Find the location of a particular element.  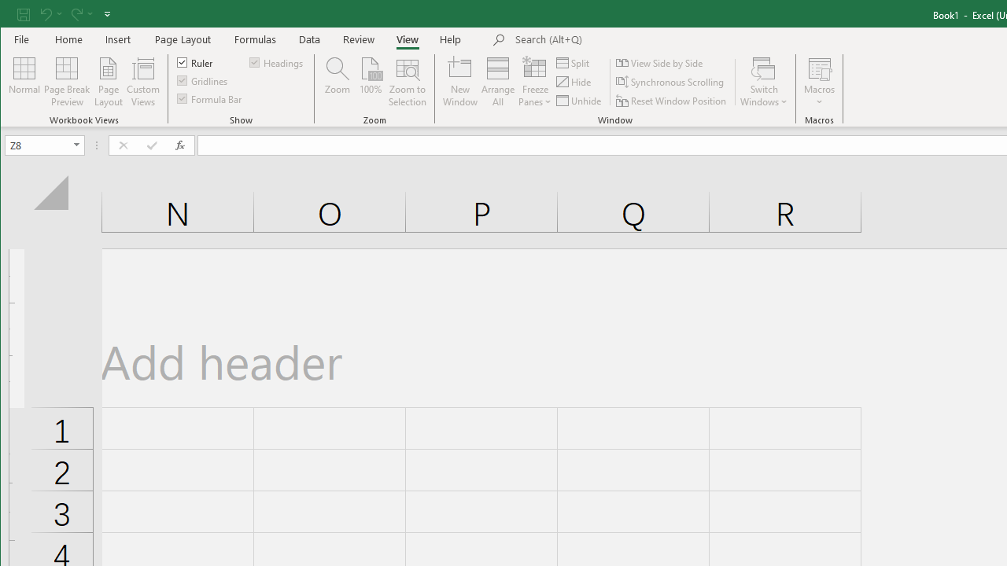

'Split' is located at coordinates (574, 62).